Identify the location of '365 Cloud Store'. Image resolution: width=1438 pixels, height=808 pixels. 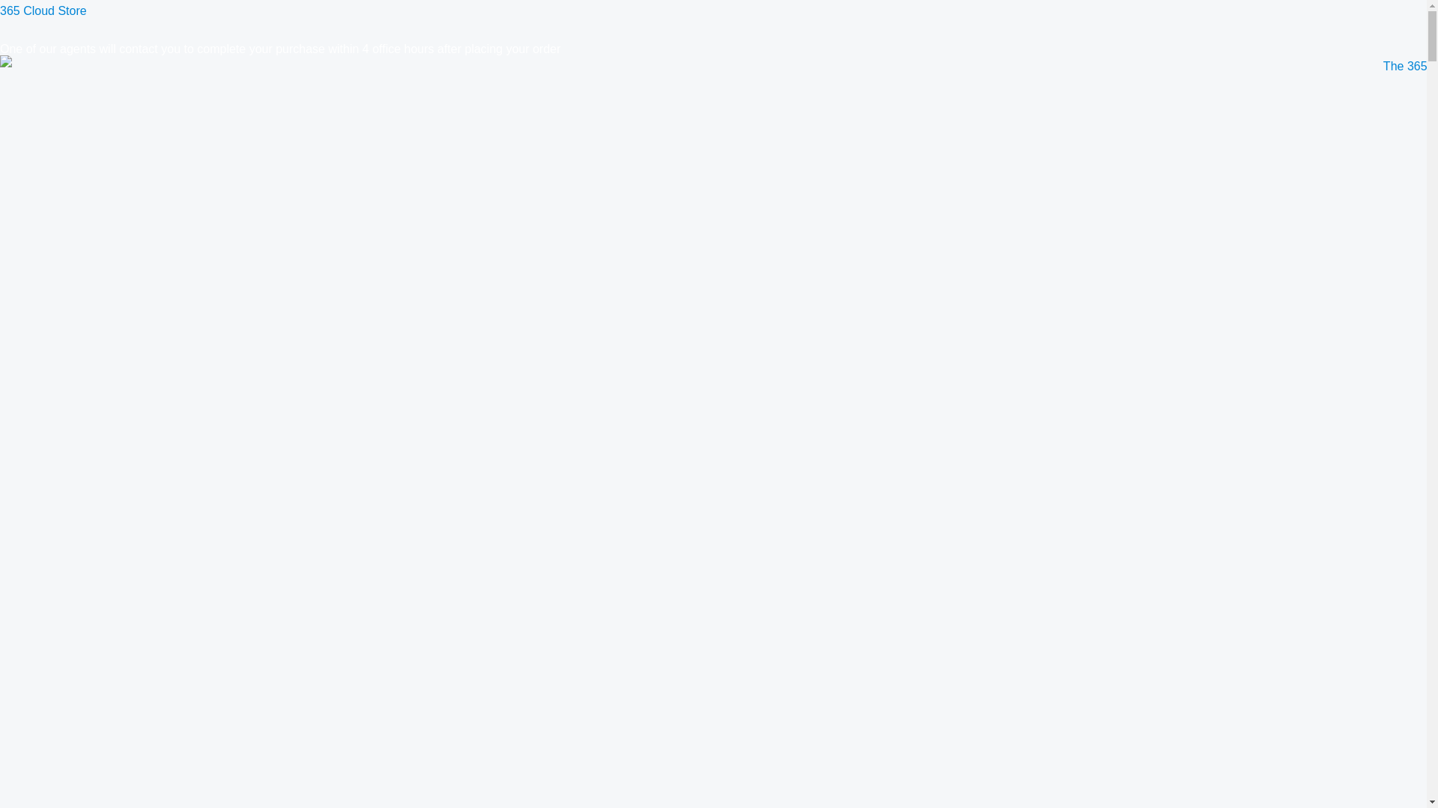
(43, 10).